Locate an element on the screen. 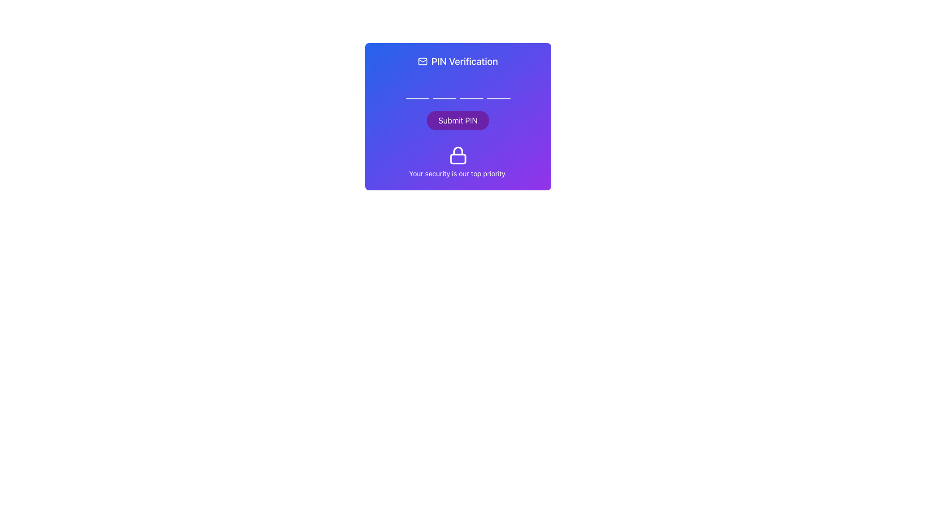  text from the header section featuring an envelope icon and the text 'PIN Verification', which is prominently displayed at the top center of the card component is located at coordinates (457, 62).